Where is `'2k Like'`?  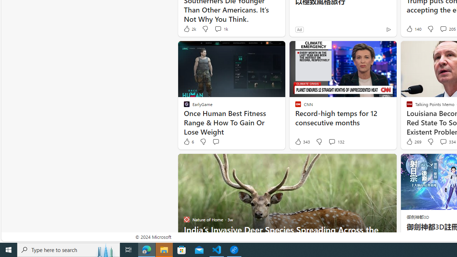 '2k Like' is located at coordinates (189, 29).